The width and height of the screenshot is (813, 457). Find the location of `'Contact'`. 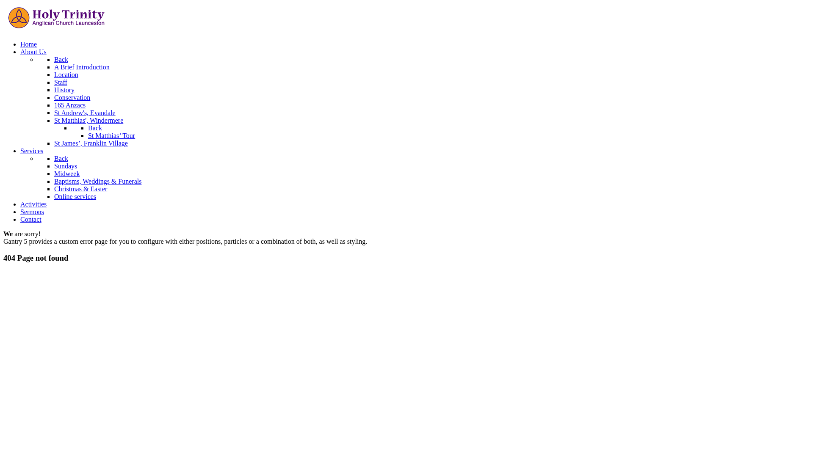

'Contact' is located at coordinates (30, 219).